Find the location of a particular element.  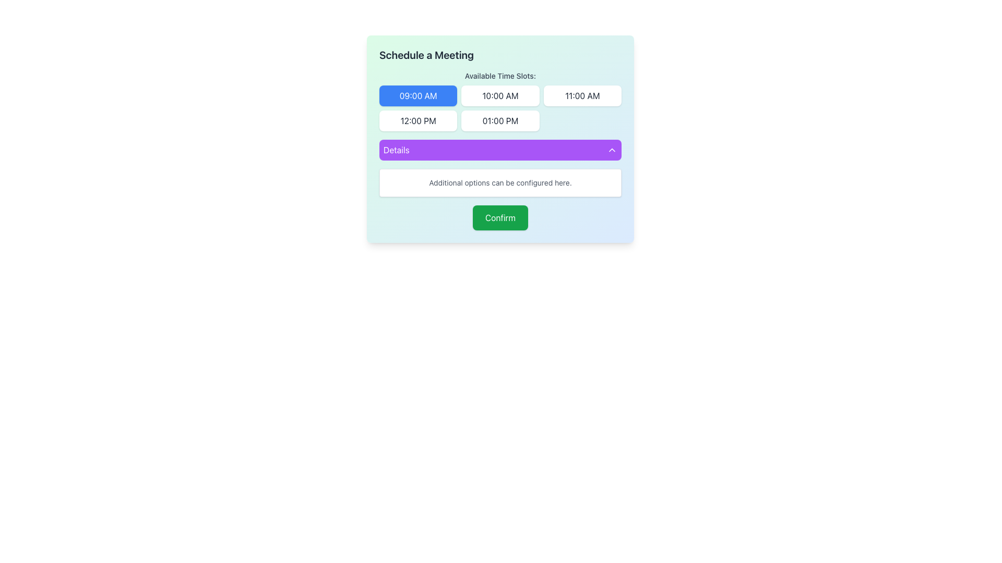

the first button in the 'Available Time Slots' section is located at coordinates (418, 96).